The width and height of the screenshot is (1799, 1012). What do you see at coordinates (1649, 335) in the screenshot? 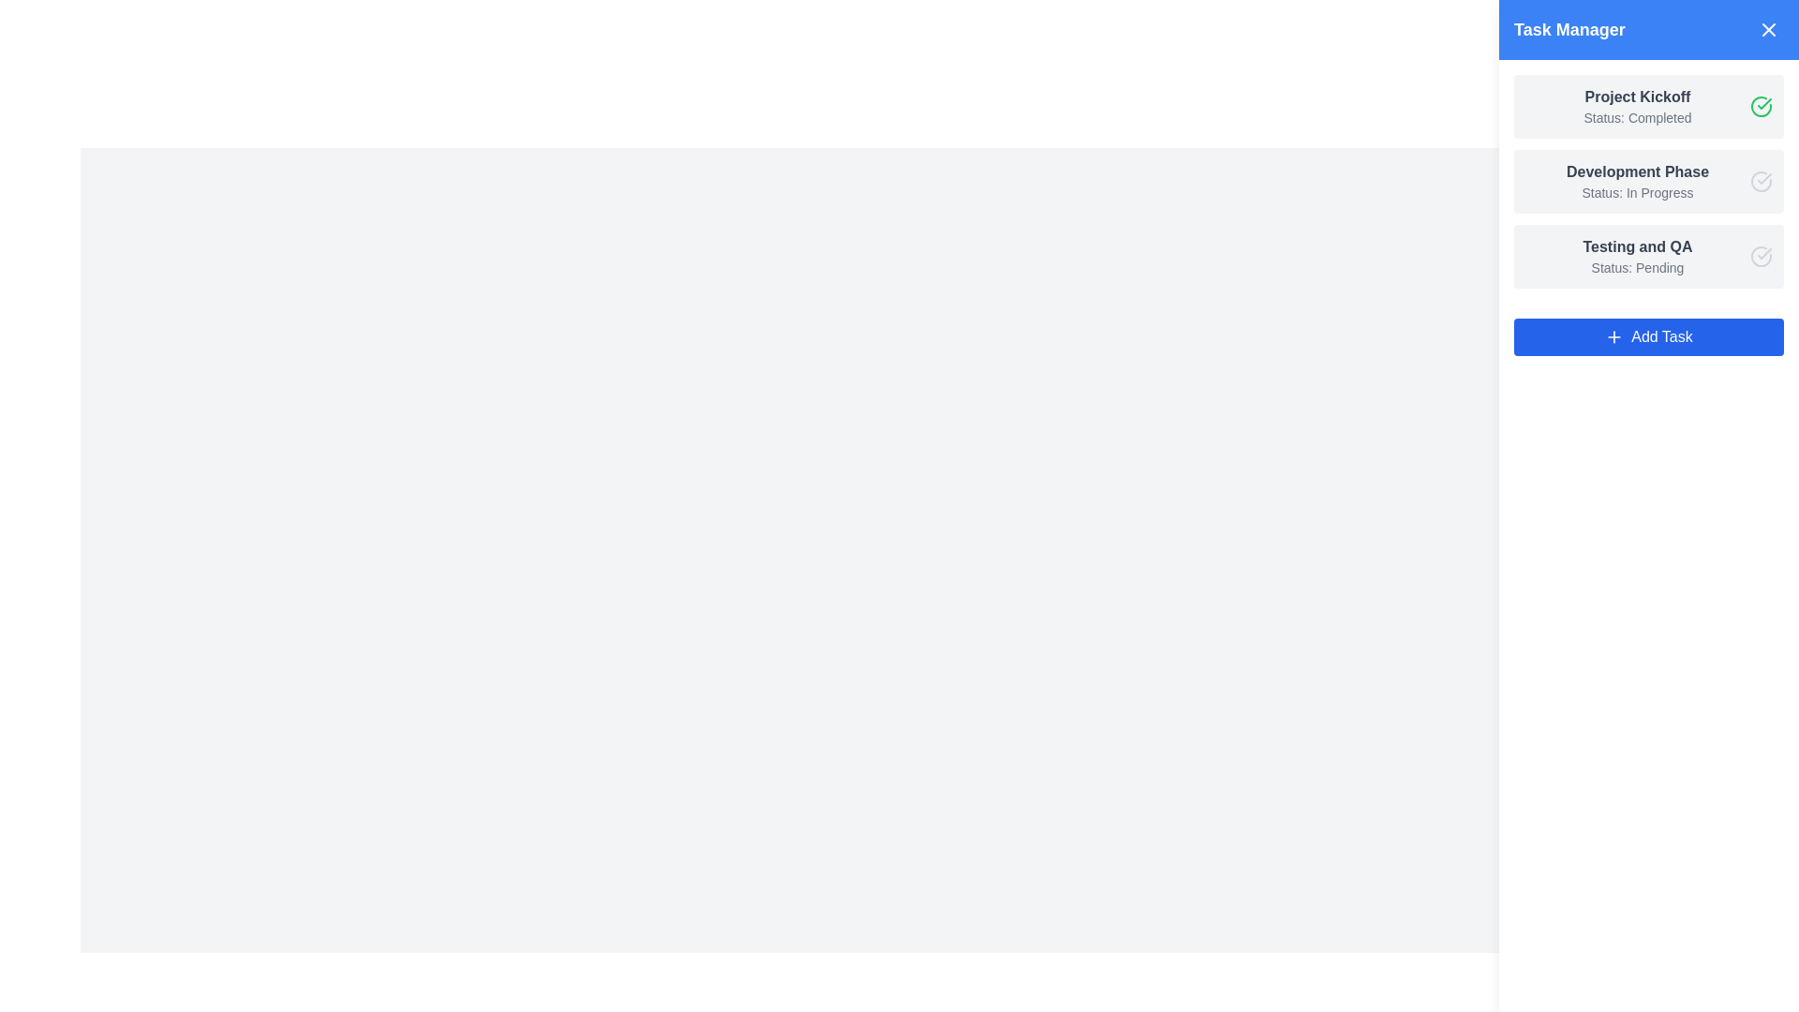
I see `the button located at the bottom of the right sidebar` at bounding box center [1649, 335].